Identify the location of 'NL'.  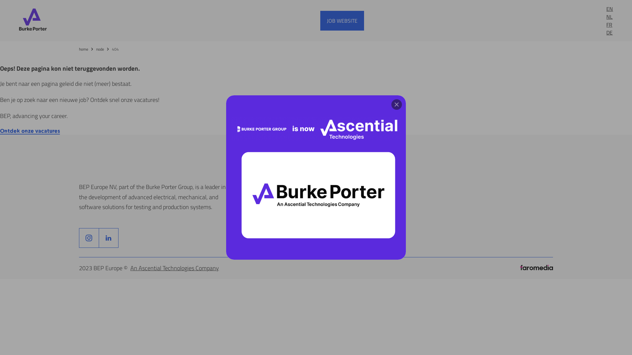
(609, 16).